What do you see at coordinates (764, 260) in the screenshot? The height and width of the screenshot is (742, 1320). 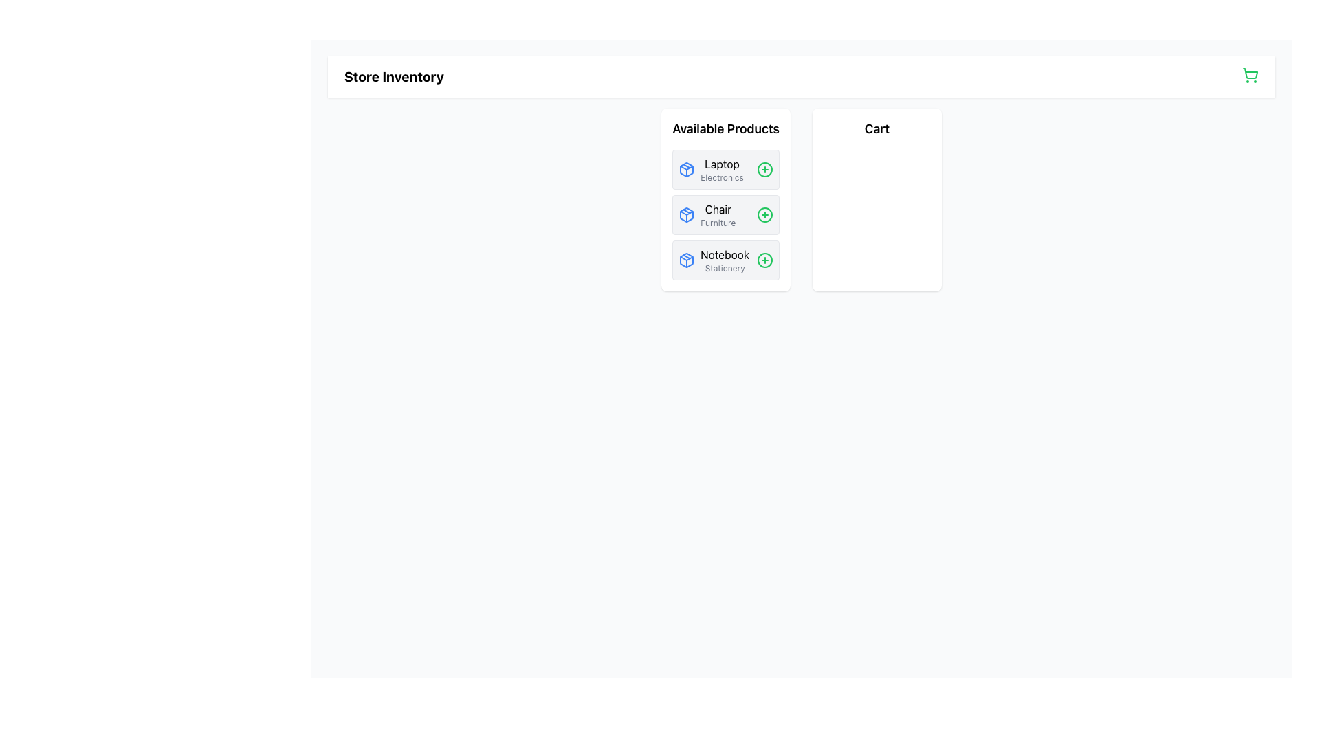 I see `the circular decorative element of the '+' icon for adding the 'Notebook' product, located to the right of the 'Notebook Stationary' list entry in the 'Available Products' section` at bounding box center [764, 260].